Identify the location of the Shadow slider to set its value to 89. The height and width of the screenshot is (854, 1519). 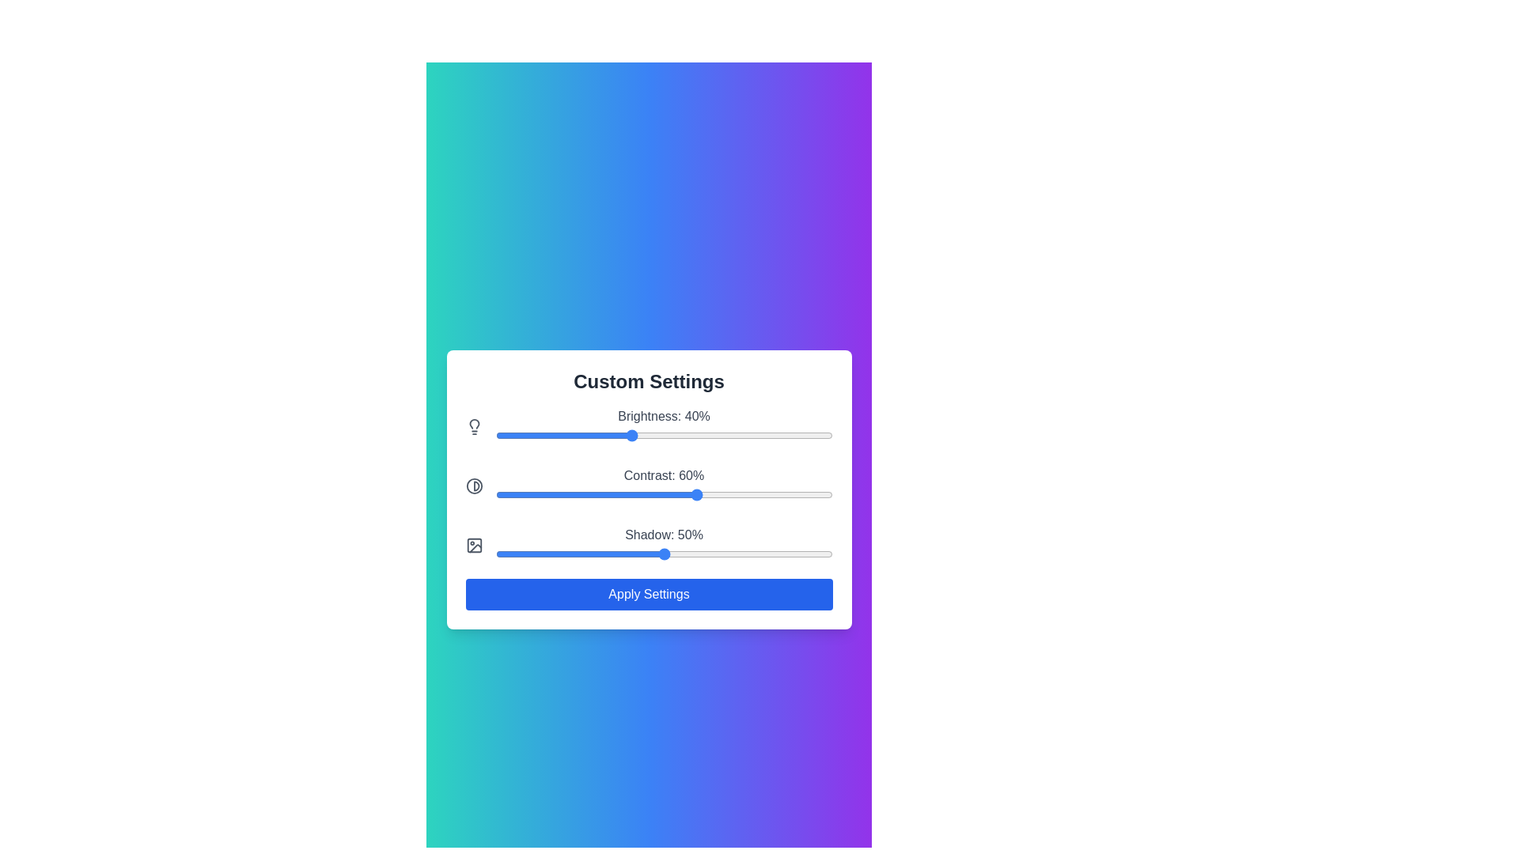
(795, 553).